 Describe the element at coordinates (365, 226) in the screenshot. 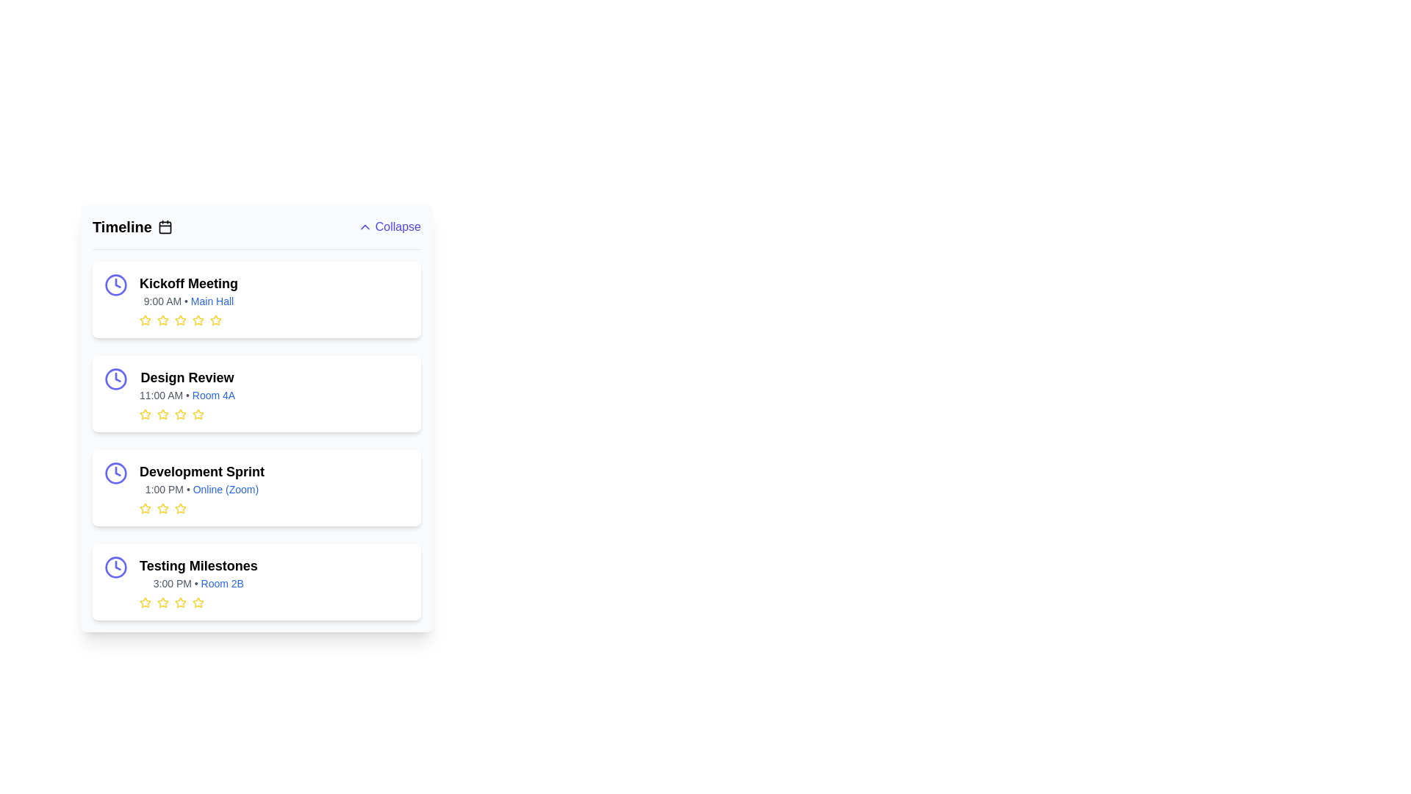

I see `the upward-pointing chevron icon located at the top-right corner of the timeline box, immediately to the left of the 'Collapse' text` at that location.